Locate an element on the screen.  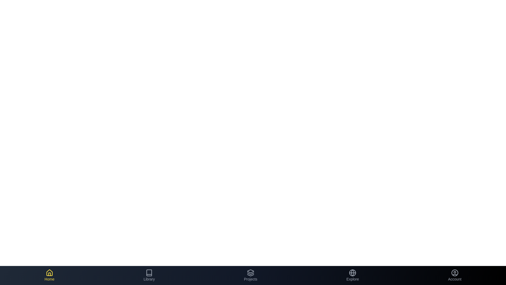
the 'Home' button to inspect its behavior and design is located at coordinates (49, 275).